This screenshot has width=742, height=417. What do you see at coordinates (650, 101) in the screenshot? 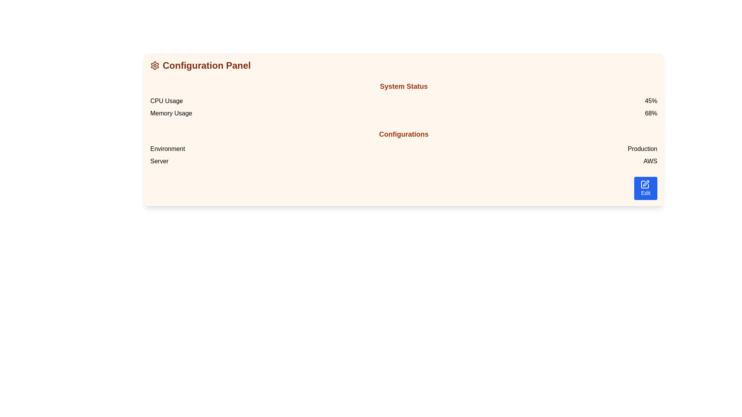
I see `the static text label displaying the current CPU usage percentage, which is located to the right of the 'CPU Usage' text label` at bounding box center [650, 101].